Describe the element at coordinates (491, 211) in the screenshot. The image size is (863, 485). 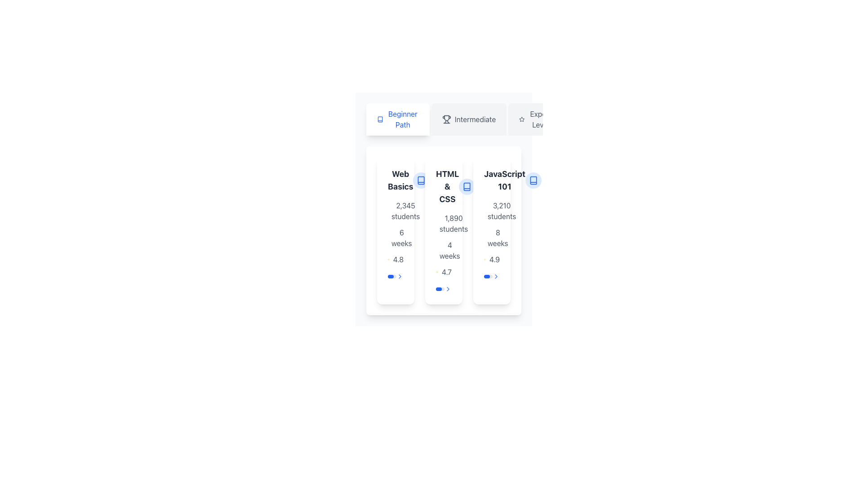
I see `the text label displaying '3,210 students' accompanied by a users icon, located within the 'JavaScript 101' course box` at that location.